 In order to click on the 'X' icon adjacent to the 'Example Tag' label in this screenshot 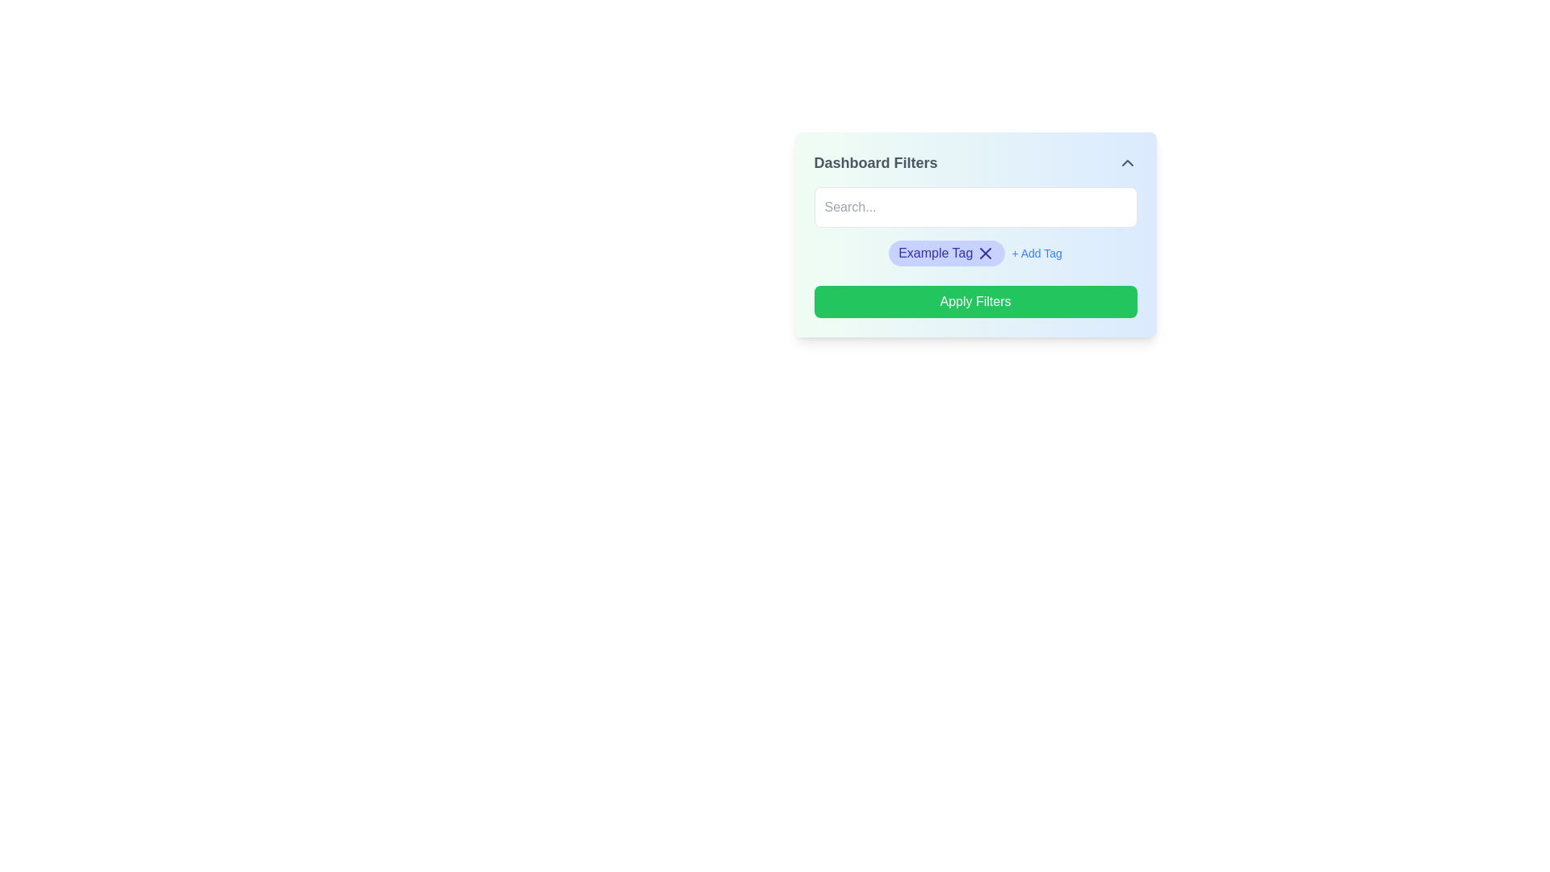, I will do `click(947, 253)`.